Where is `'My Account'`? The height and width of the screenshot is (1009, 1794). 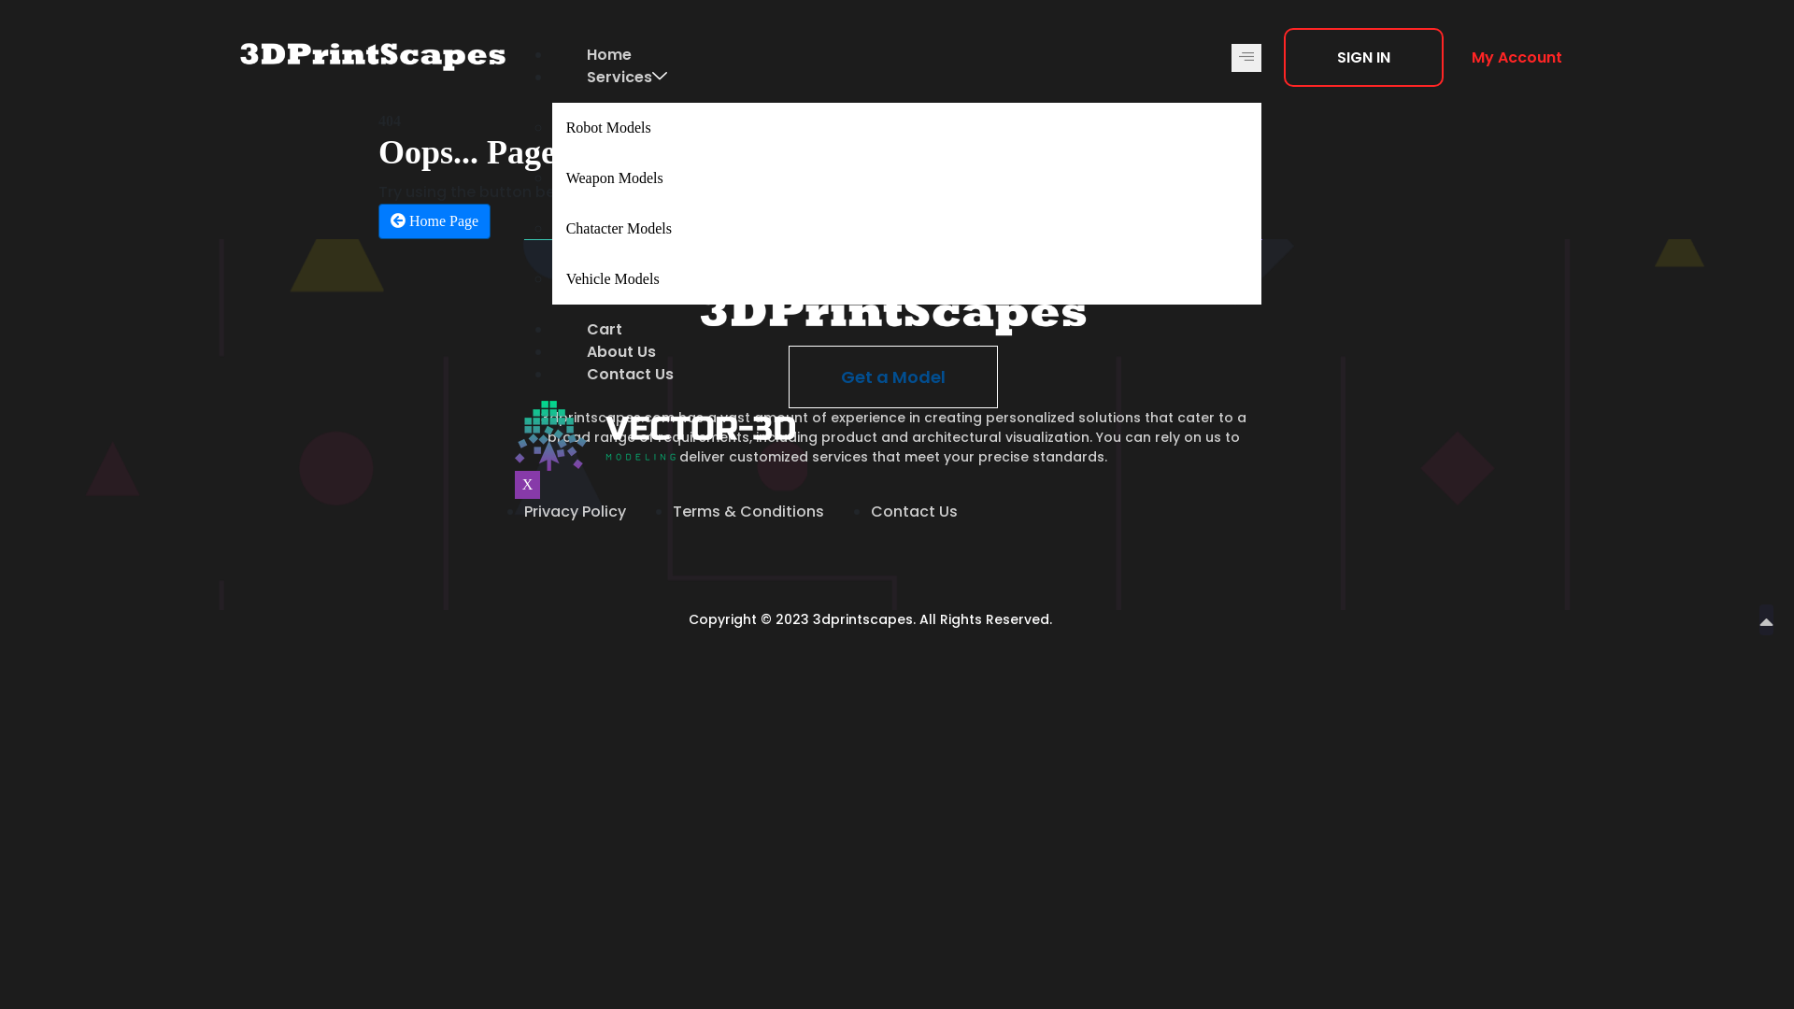
'My Account' is located at coordinates (1516, 56).